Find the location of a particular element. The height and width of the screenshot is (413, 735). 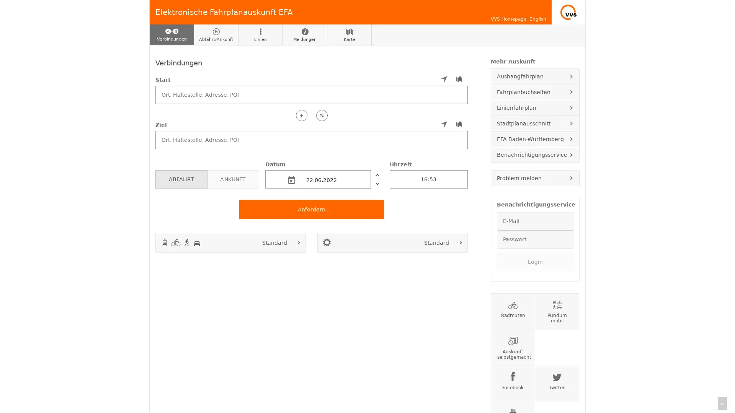

vorher is located at coordinates (377, 174).